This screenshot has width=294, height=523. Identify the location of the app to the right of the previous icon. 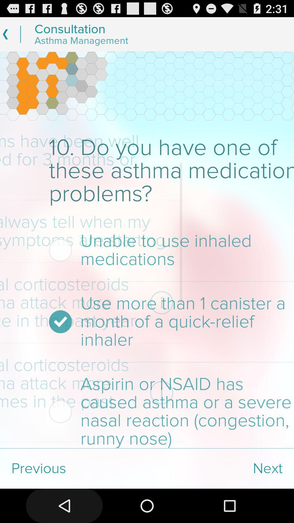
(220, 468).